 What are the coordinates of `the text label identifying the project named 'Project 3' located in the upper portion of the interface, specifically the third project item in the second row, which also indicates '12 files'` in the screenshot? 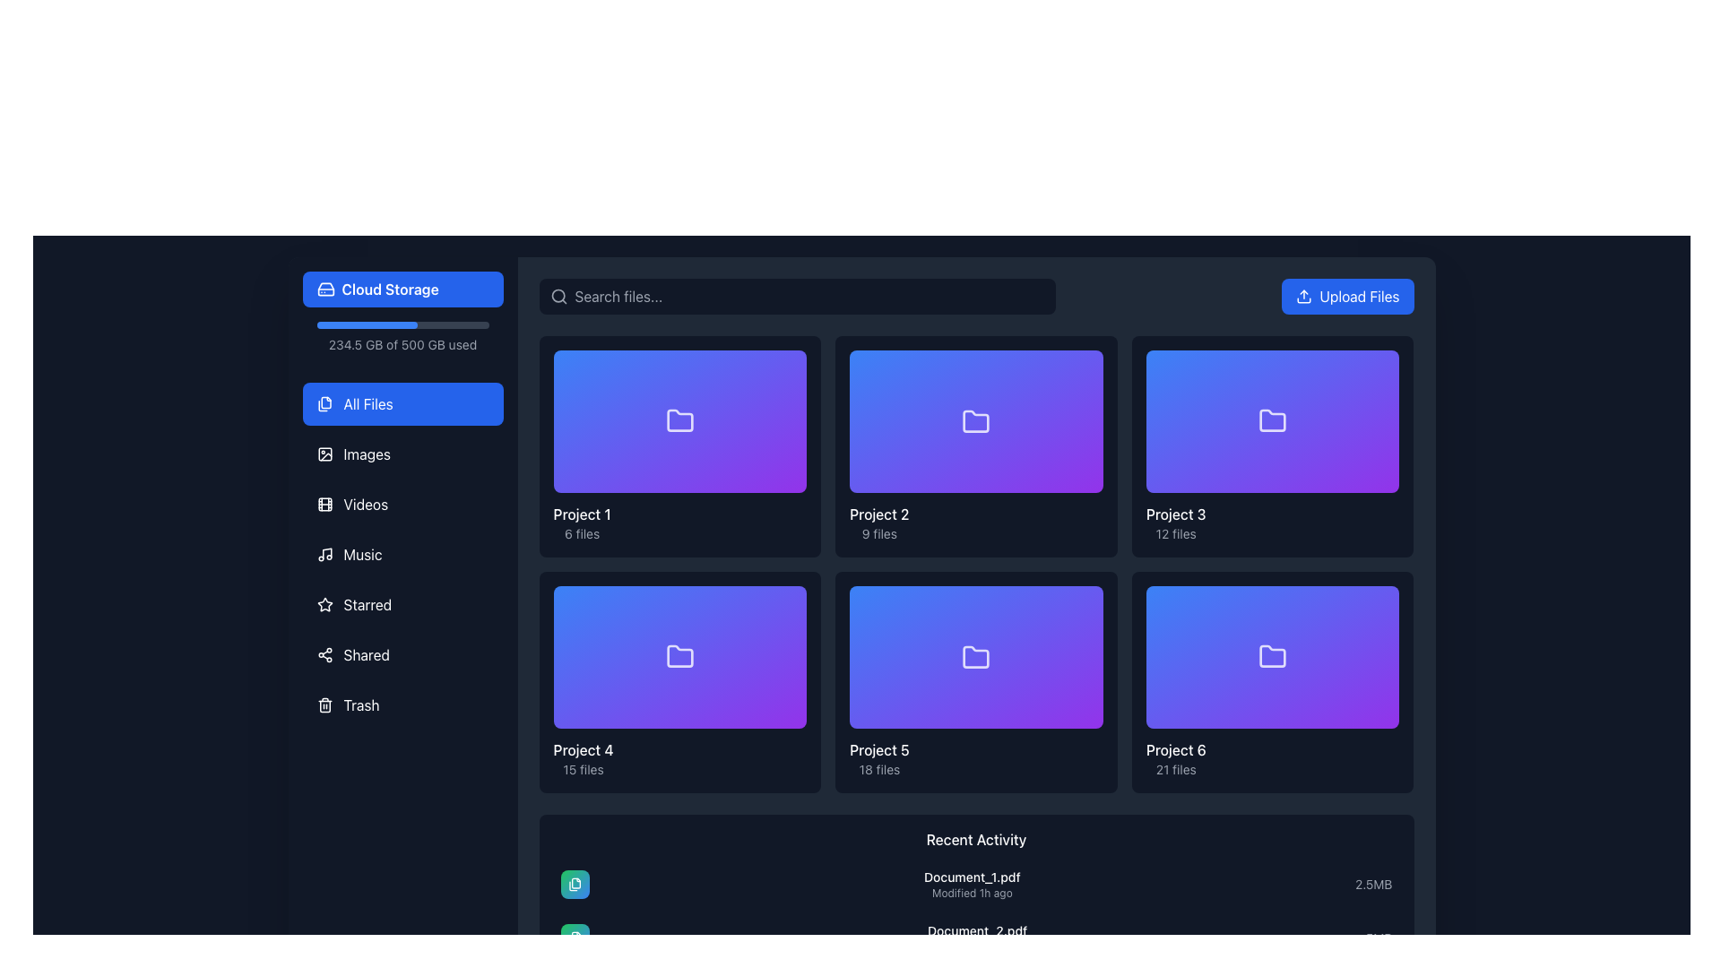 It's located at (1176, 514).